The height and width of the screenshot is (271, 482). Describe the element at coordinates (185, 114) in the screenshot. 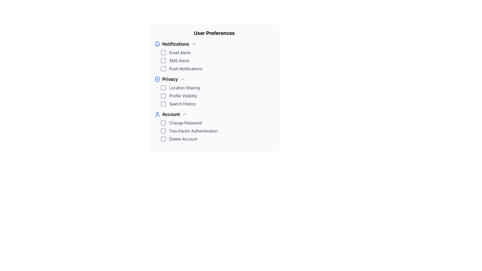

I see `the downward-pointing chevron arrow dropdown toggle button located to the right of the 'Account' text` at that location.